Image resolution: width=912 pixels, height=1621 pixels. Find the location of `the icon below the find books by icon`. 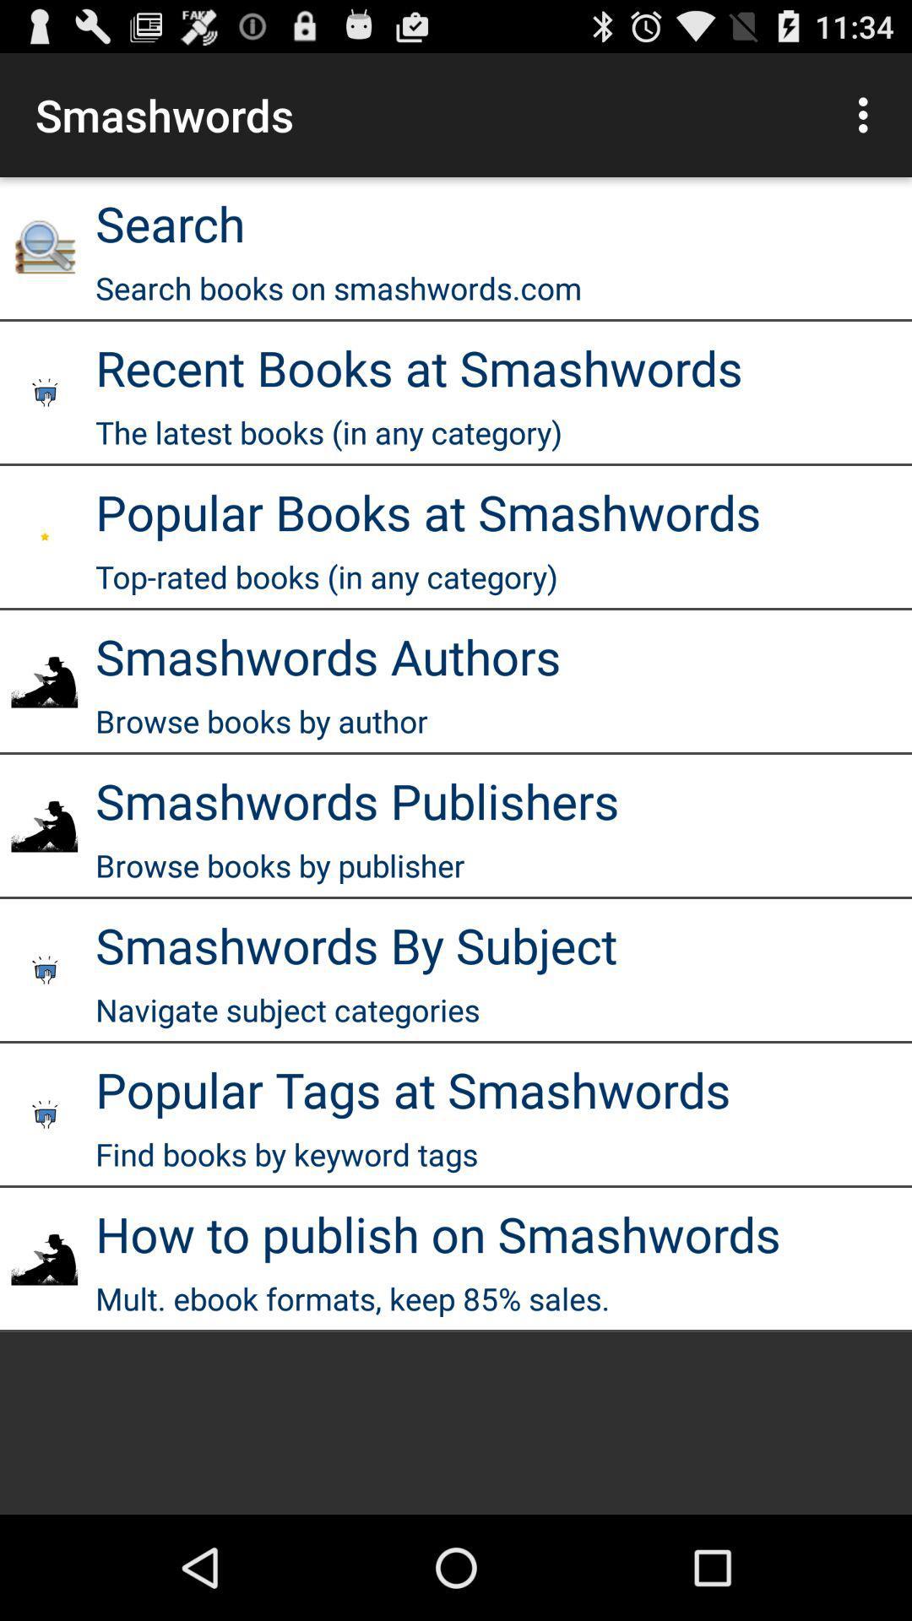

the icon below the find books by icon is located at coordinates (437, 1233).